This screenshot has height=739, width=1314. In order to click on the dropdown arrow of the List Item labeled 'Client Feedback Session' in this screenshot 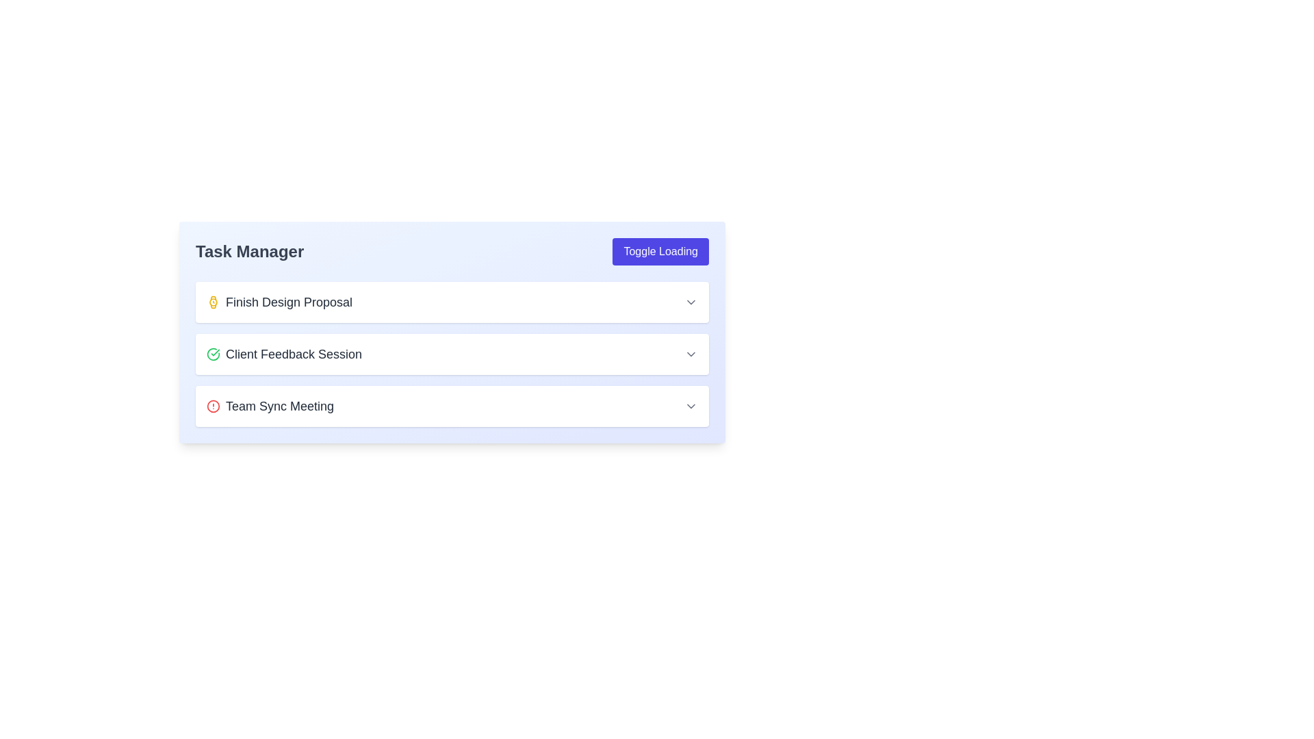, I will do `click(452, 353)`.